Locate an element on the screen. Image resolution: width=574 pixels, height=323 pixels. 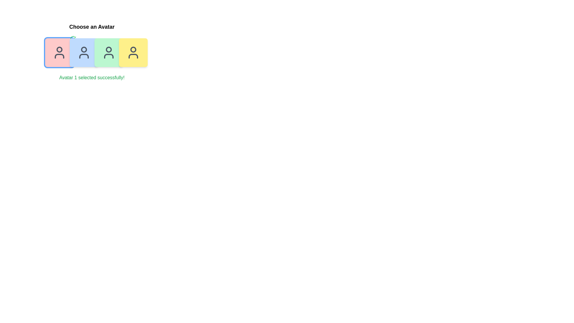
the graphical circular shape that represents the head of the second avatar from the left in a row of four avatars is located at coordinates (84, 49).